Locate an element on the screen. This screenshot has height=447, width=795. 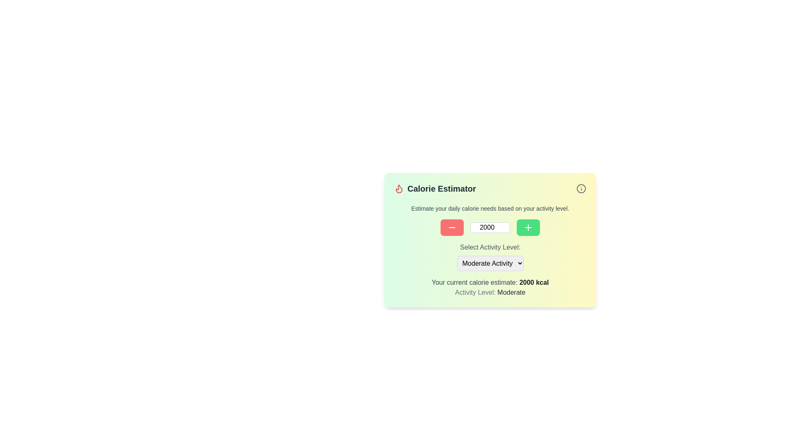
the red decrement button located to the left of the white text box displaying '2000' in the 'Calorie Estimator' section to decrement a value is located at coordinates (451, 228).